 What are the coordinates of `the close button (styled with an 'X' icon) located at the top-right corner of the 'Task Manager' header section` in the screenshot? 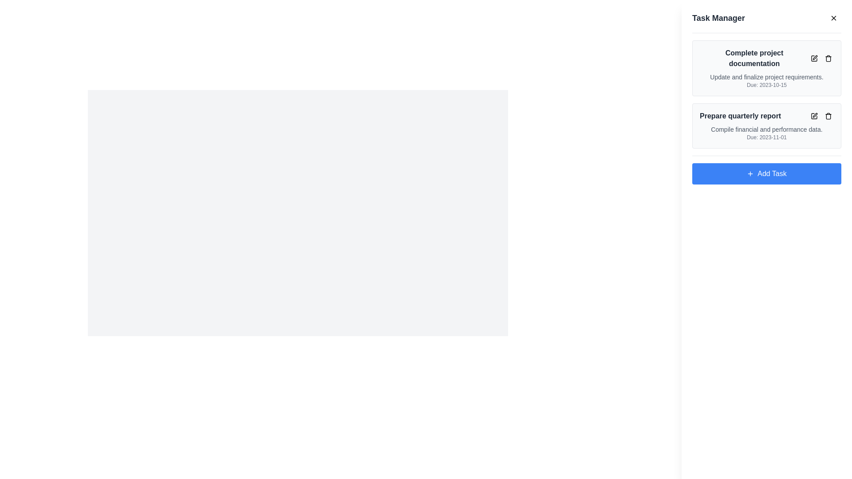 It's located at (833, 18).